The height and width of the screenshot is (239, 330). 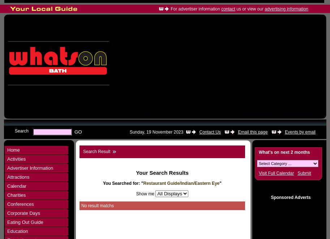 What do you see at coordinates (249, 9) in the screenshot?
I see `'us or view our'` at bounding box center [249, 9].